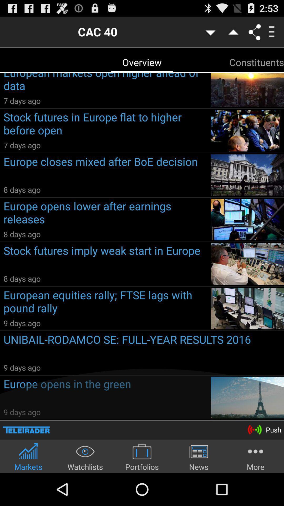 The width and height of the screenshot is (284, 506). I want to click on the item next to portfolios, so click(199, 456).